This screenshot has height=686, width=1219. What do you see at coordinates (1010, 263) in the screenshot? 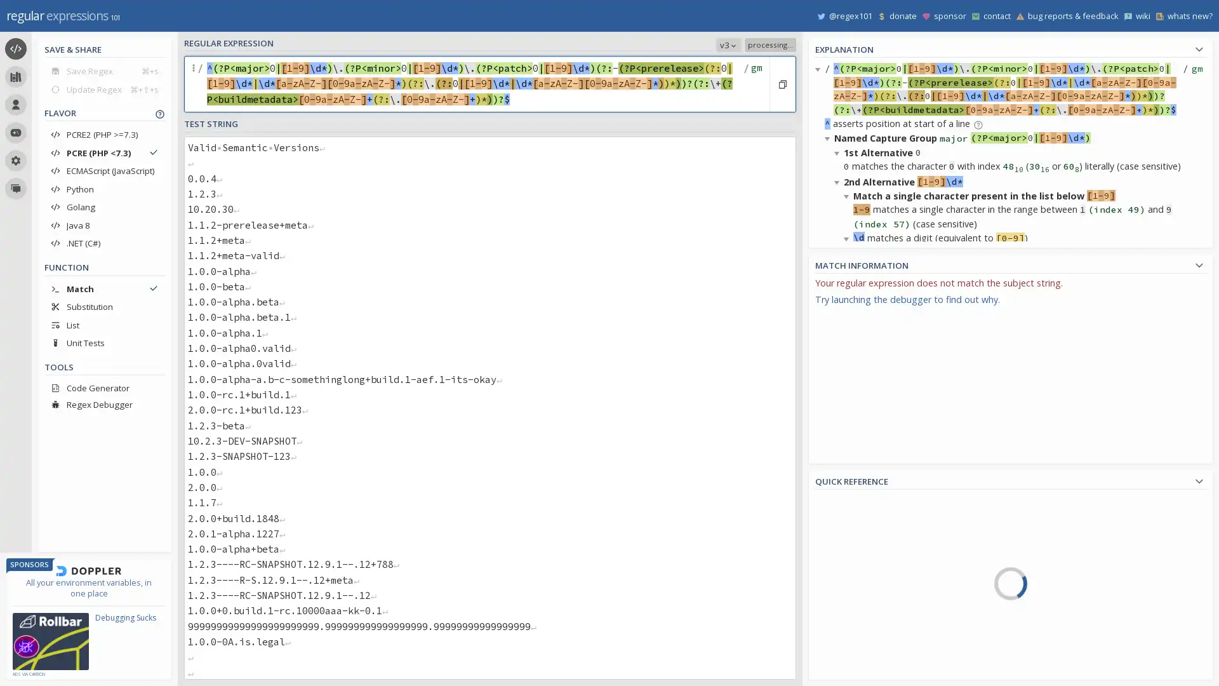
I see `MATCH INFORMATION` at bounding box center [1010, 263].